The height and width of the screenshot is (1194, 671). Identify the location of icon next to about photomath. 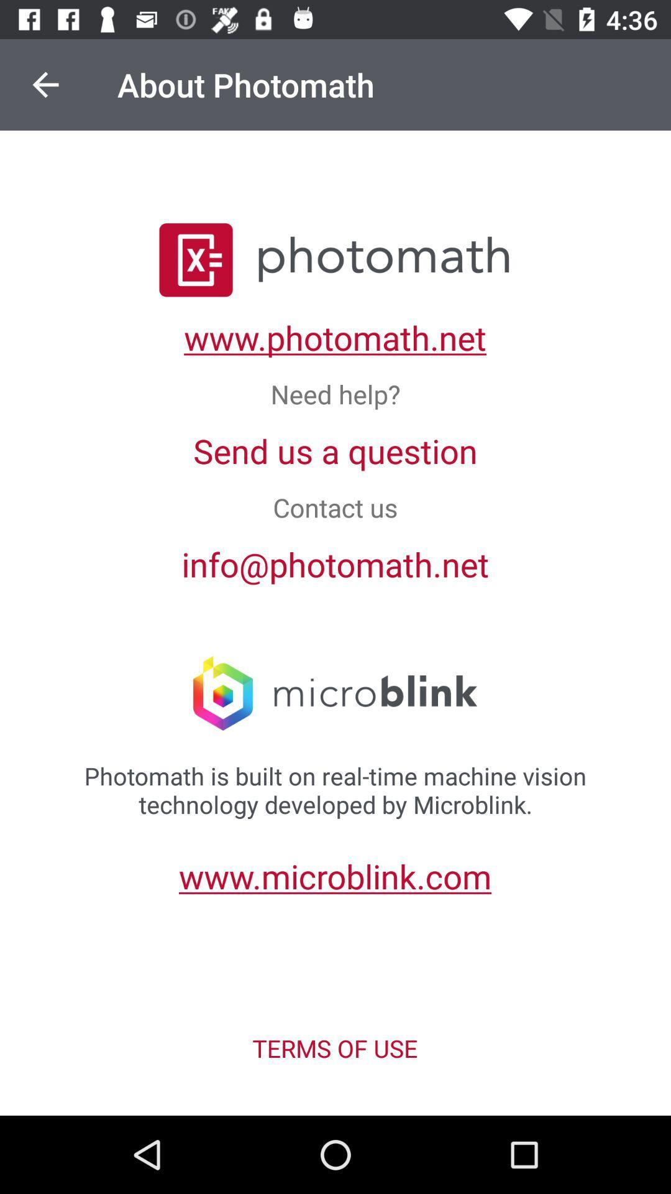
(45, 84).